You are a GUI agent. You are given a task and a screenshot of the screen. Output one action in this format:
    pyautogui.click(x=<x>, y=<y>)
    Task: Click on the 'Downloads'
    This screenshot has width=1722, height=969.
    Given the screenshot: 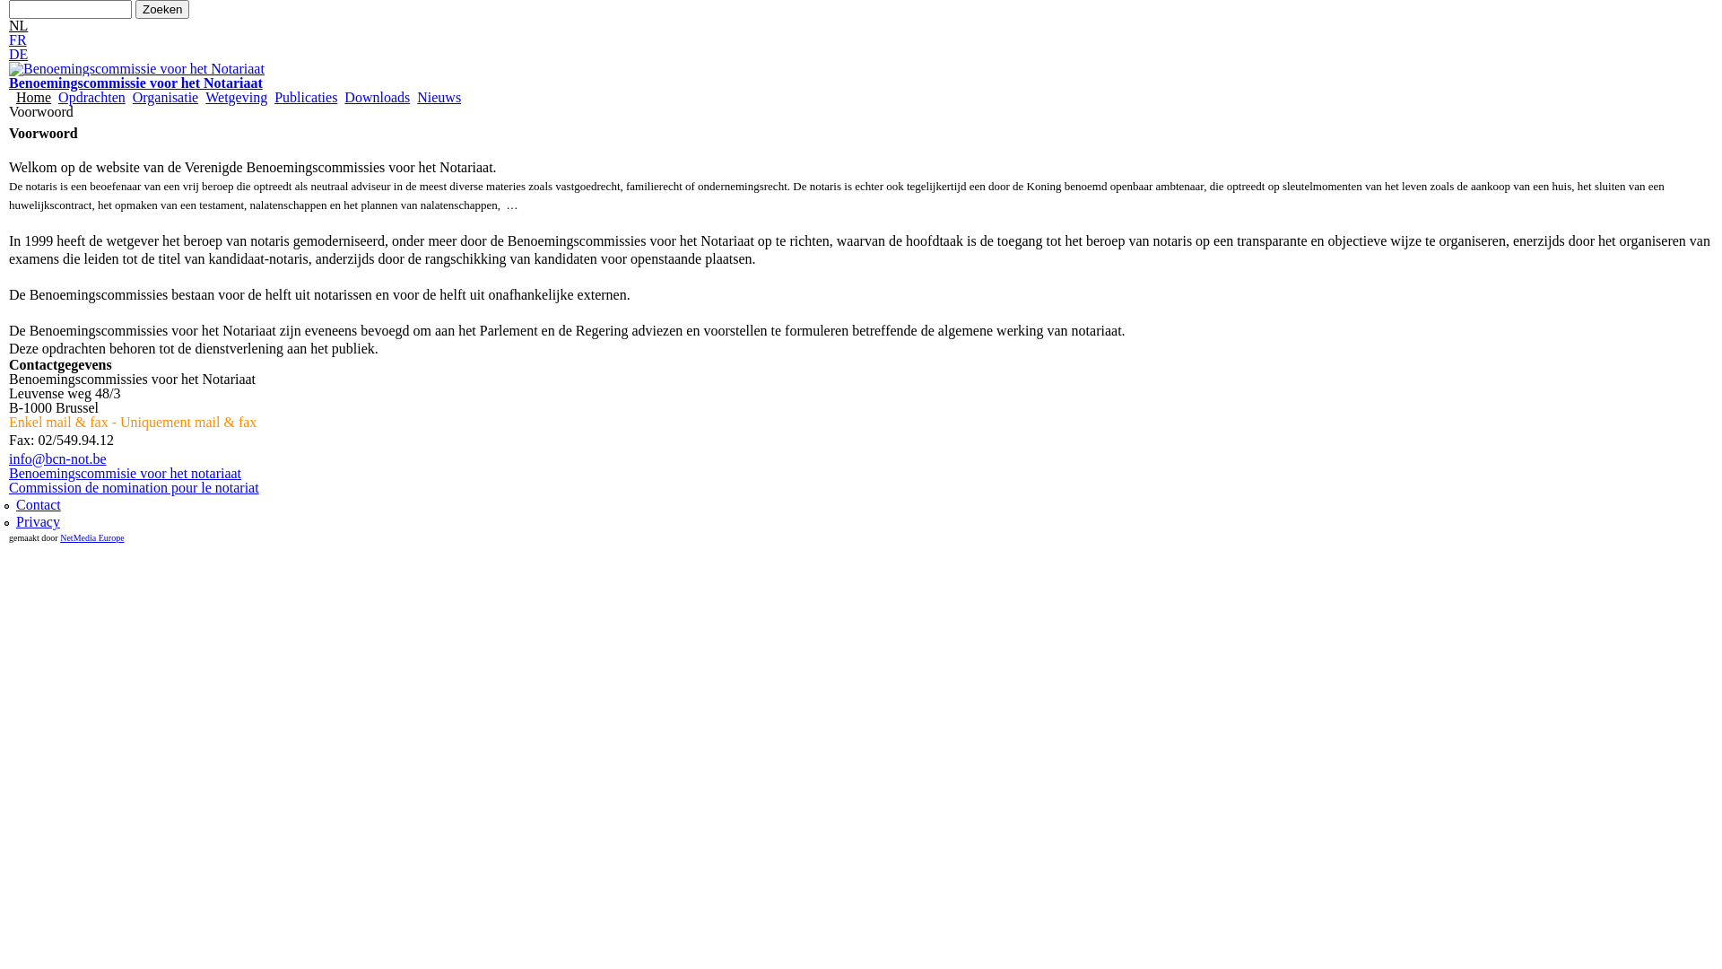 What is the action you would take?
    pyautogui.click(x=376, y=97)
    